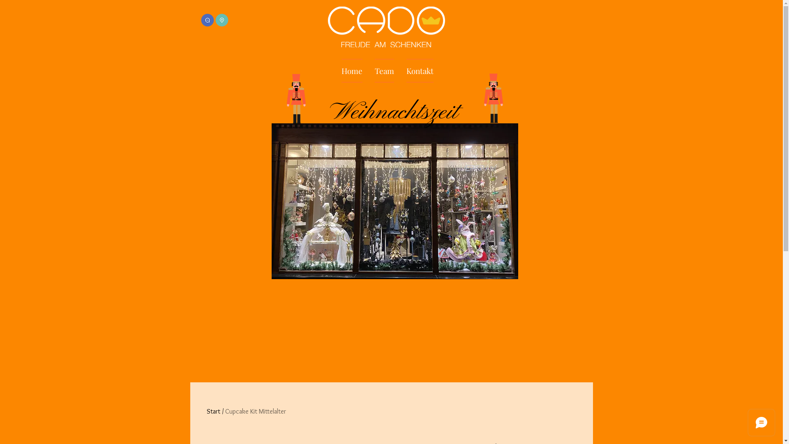 The image size is (789, 444). I want to click on 'Team', so click(368, 70).